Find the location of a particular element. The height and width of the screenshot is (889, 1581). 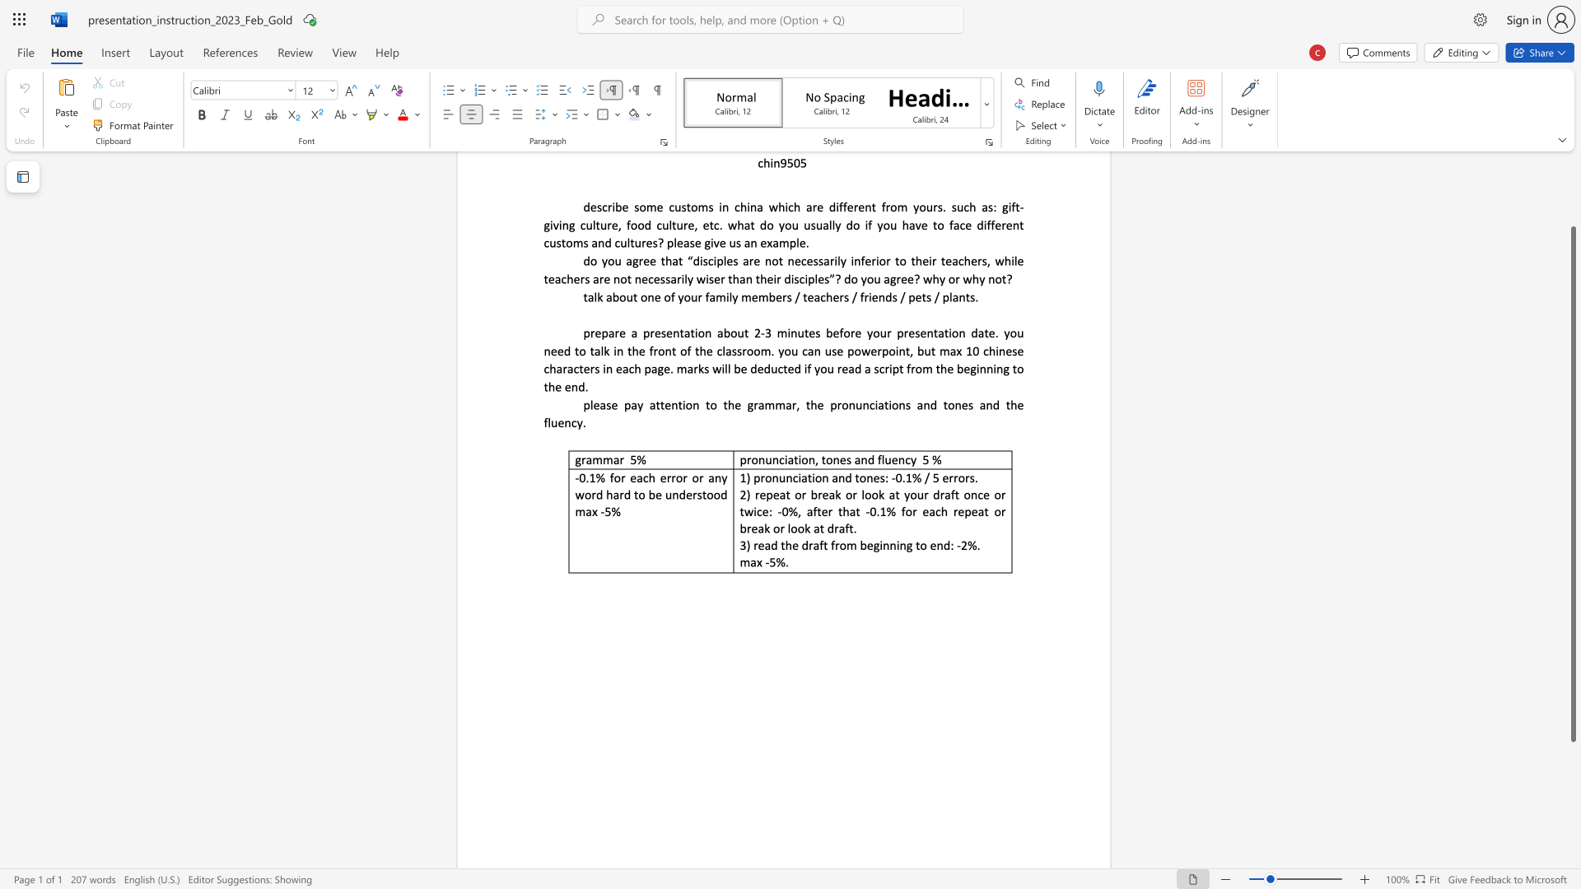

the scrollbar to slide the page up is located at coordinates (1572, 180).